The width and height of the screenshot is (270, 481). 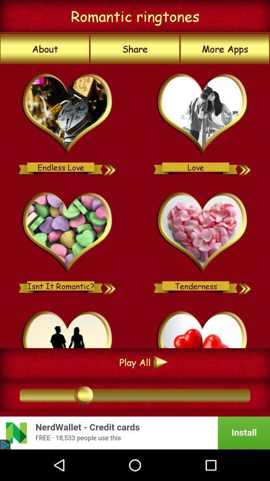 What do you see at coordinates (202, 327) in the screenshot?
I see `ringtone` at bounding box center [202, 327].